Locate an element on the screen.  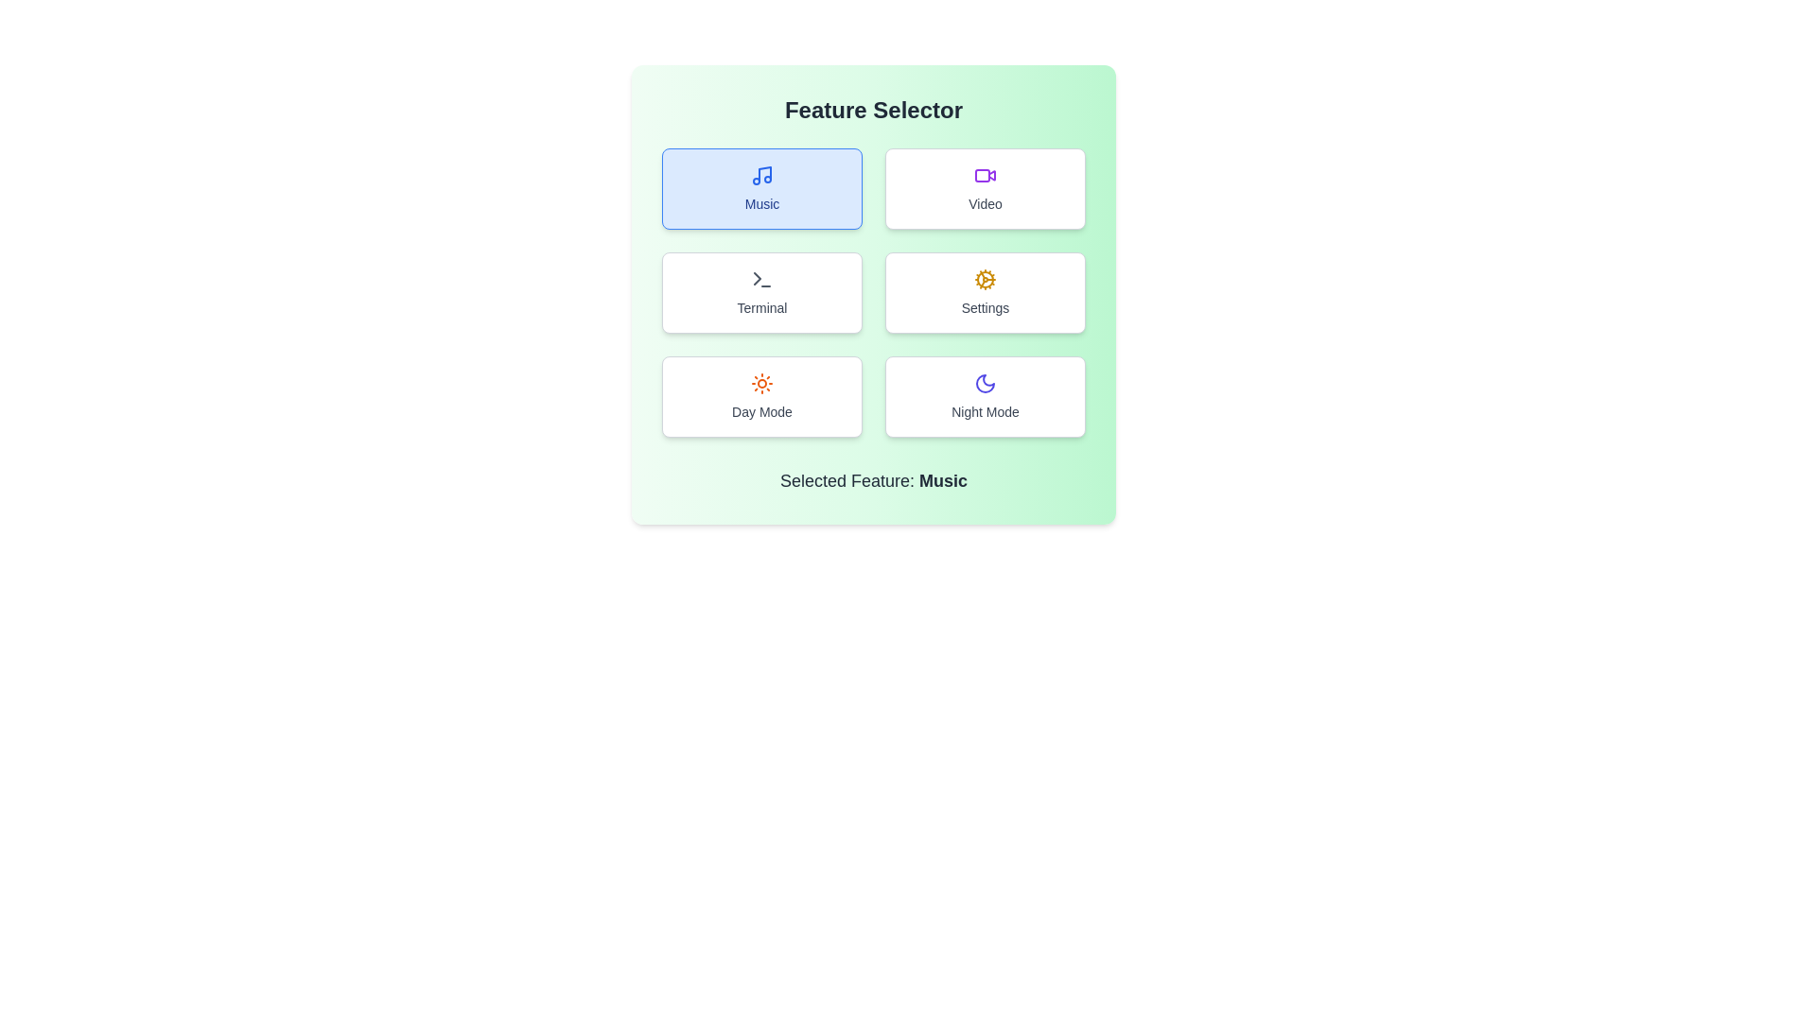
the Interactive button labeled 'Terminal', which has a white background, gray border, and a terminal icon above the text is located at coordinates (762, 292).